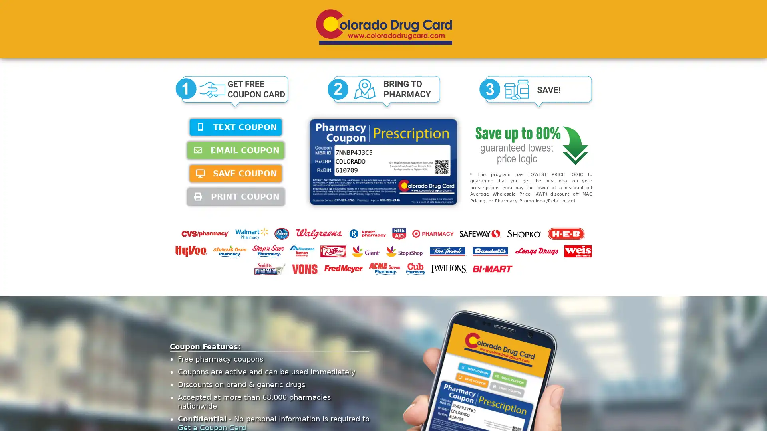 The height and width of the screenshot is (431, 767). I want to click on EMAIL COUPON, so click(235, 150).